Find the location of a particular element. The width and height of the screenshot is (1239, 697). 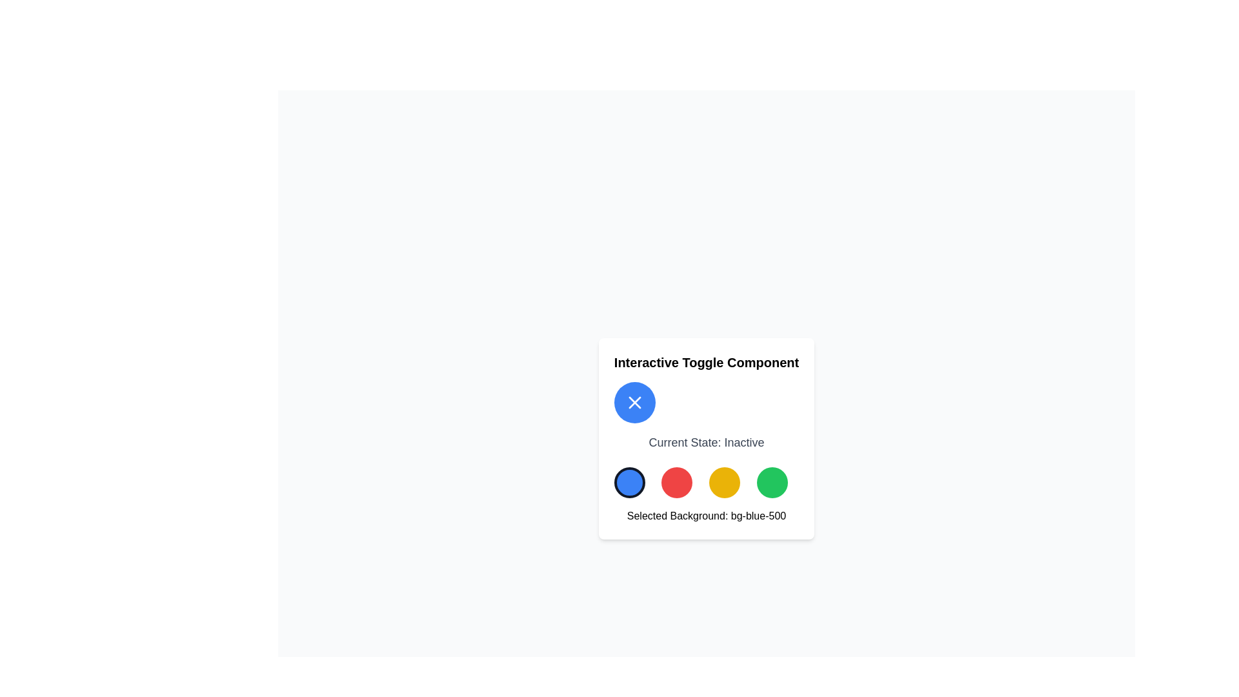

the text label displaying 'Selected Background: bg-blue-500', which is styled with medium font weight and located below the colored circles in the 'Interactive Toggle Component' card is located at coordinates (705, 515).